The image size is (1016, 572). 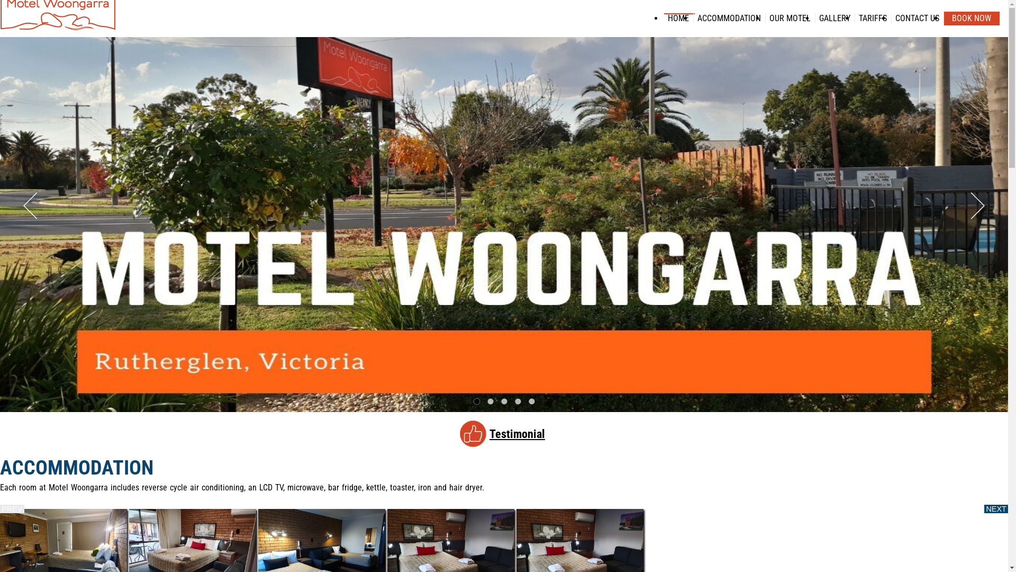 I want to click on 'OUR MOTEL', so click(x=790, y=18).